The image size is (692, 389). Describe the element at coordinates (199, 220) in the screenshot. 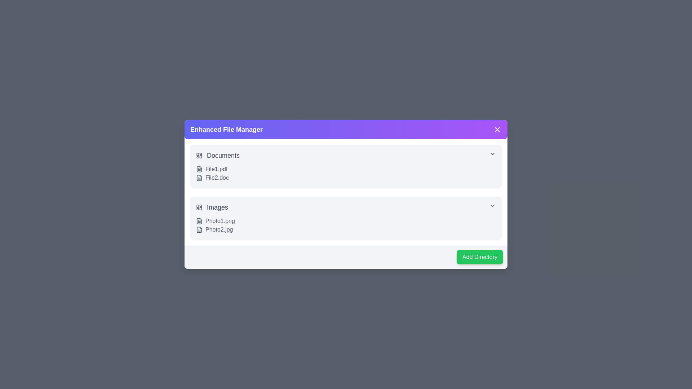

I see `the file Photo1.png listed under the directory Images` at that location.